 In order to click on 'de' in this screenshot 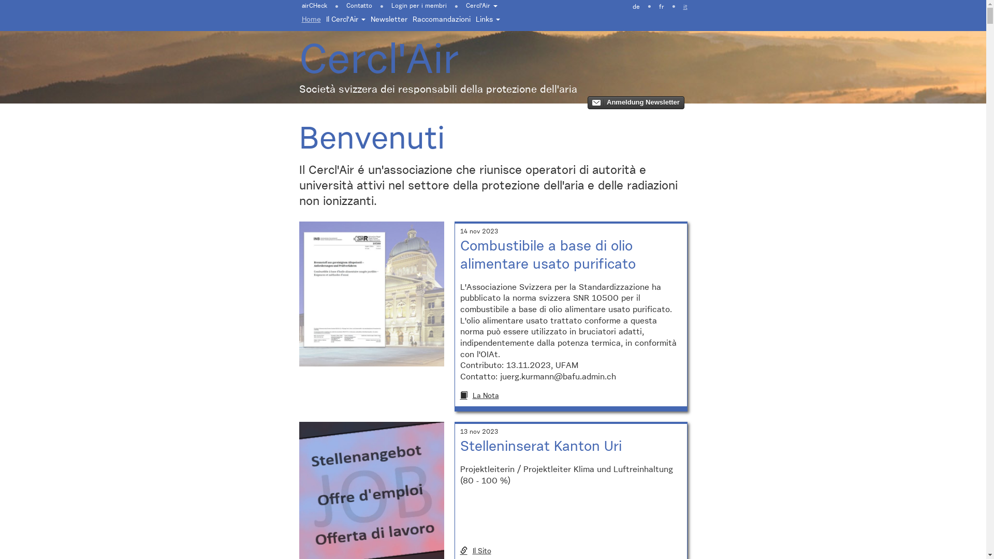, I will do `click(623, 6)`.